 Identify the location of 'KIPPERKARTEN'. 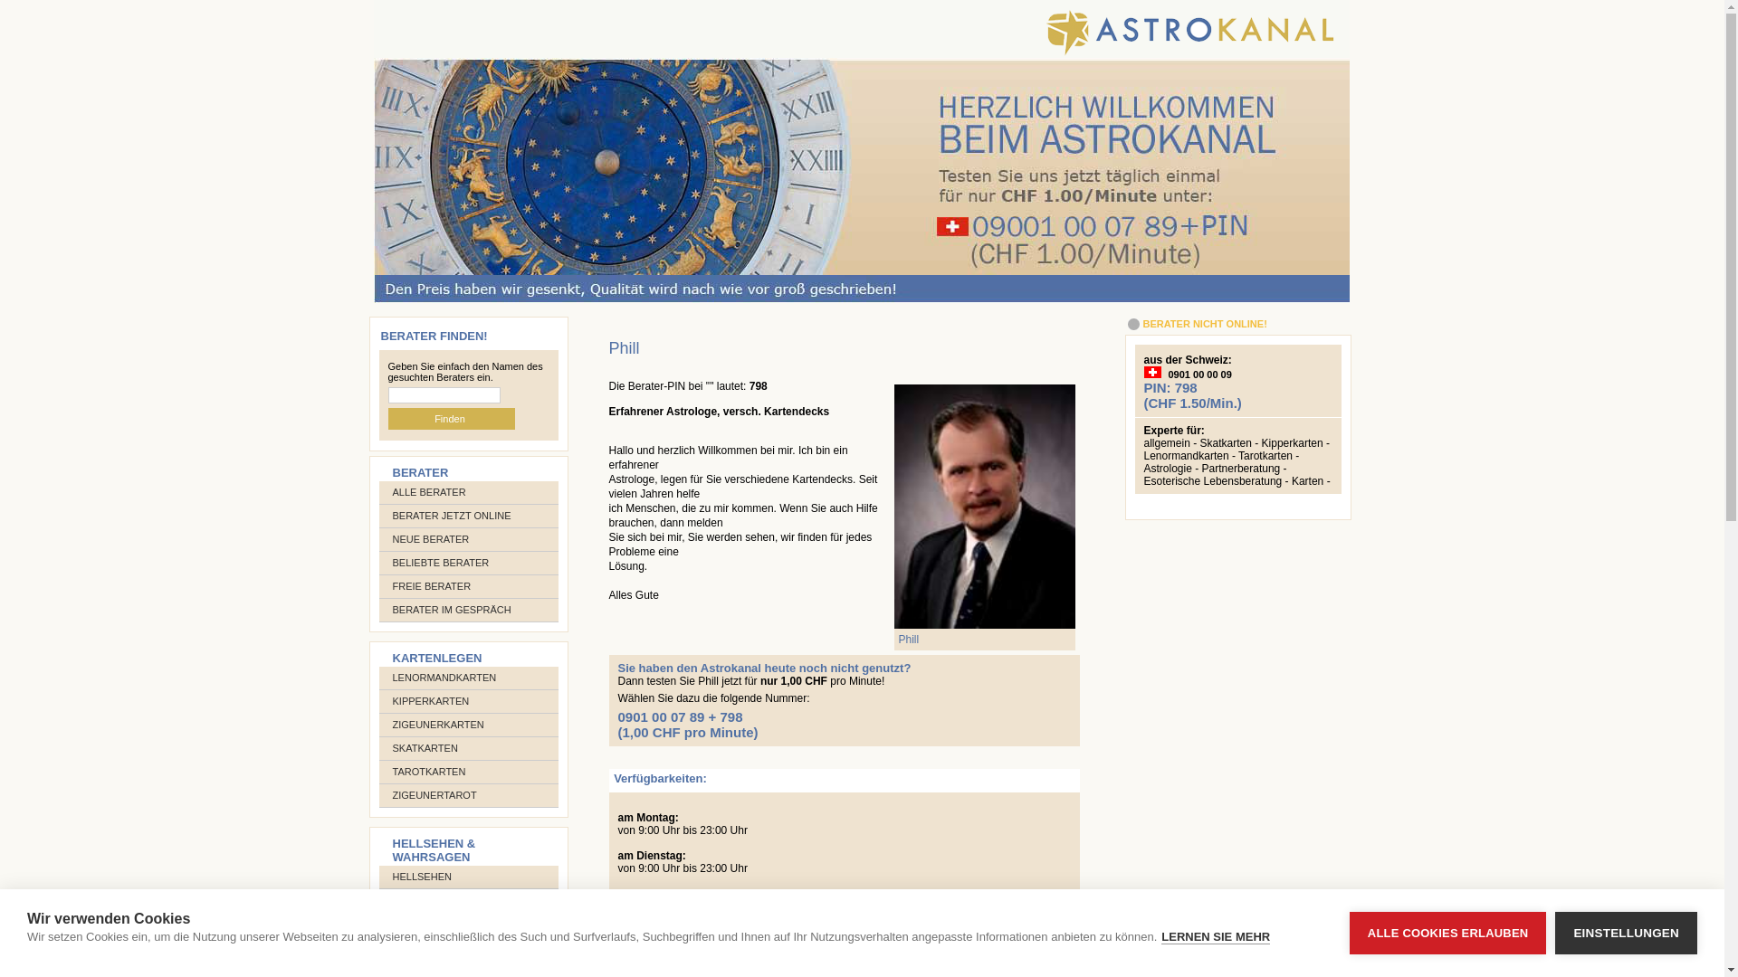
(430, 700).